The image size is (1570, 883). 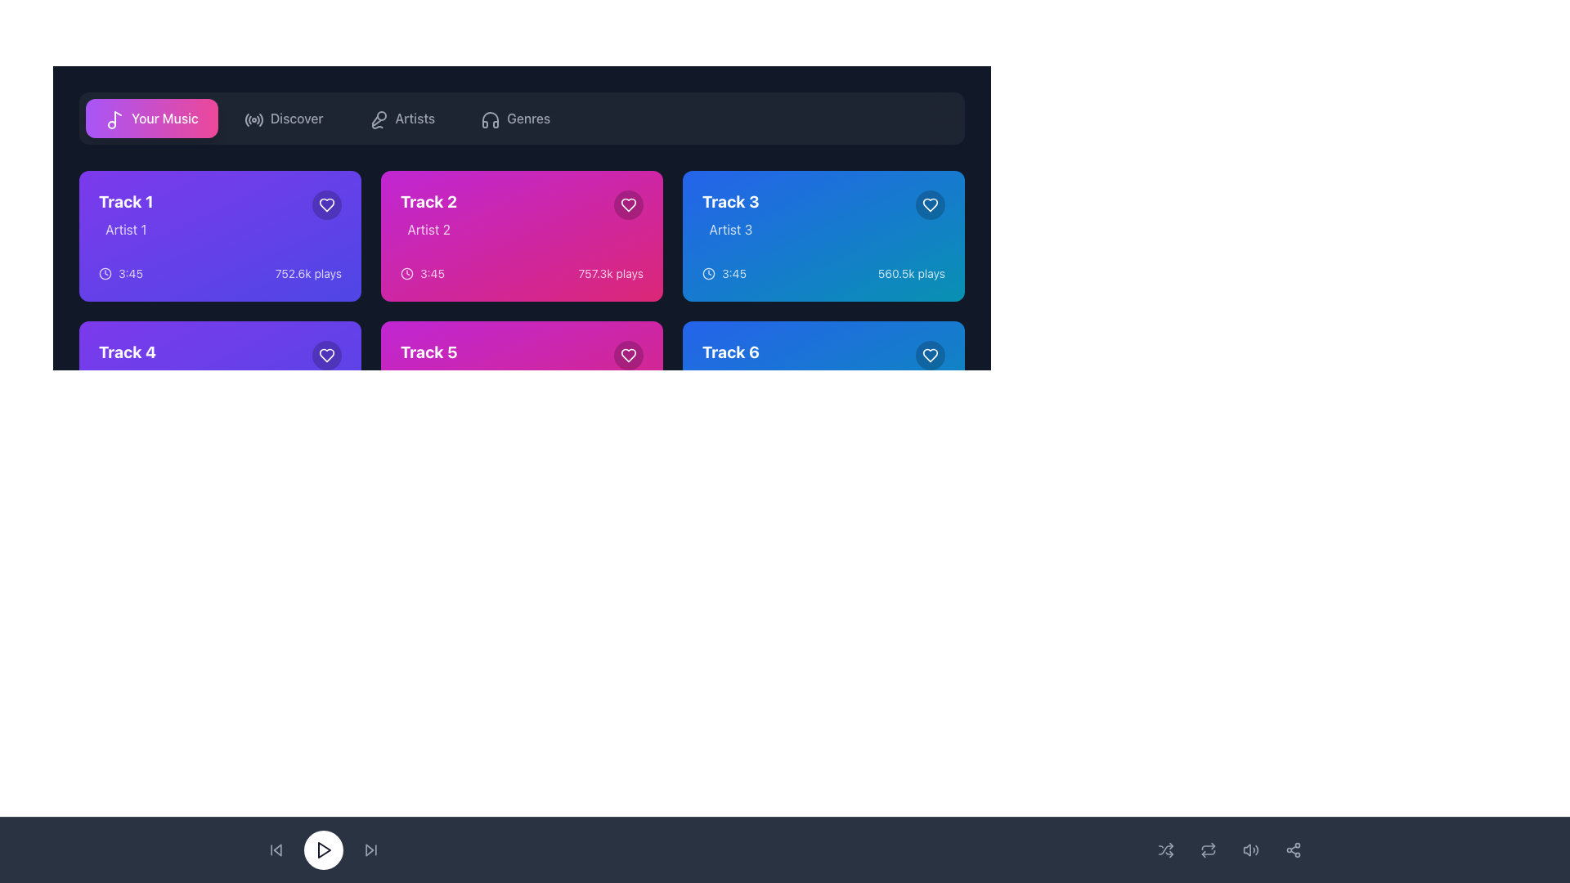 I want to click on the text label displaying 'Artist 3', which is styled in a lighter white shade and positioned within the blue card for 'Track 3', so click(x=729, y=230).